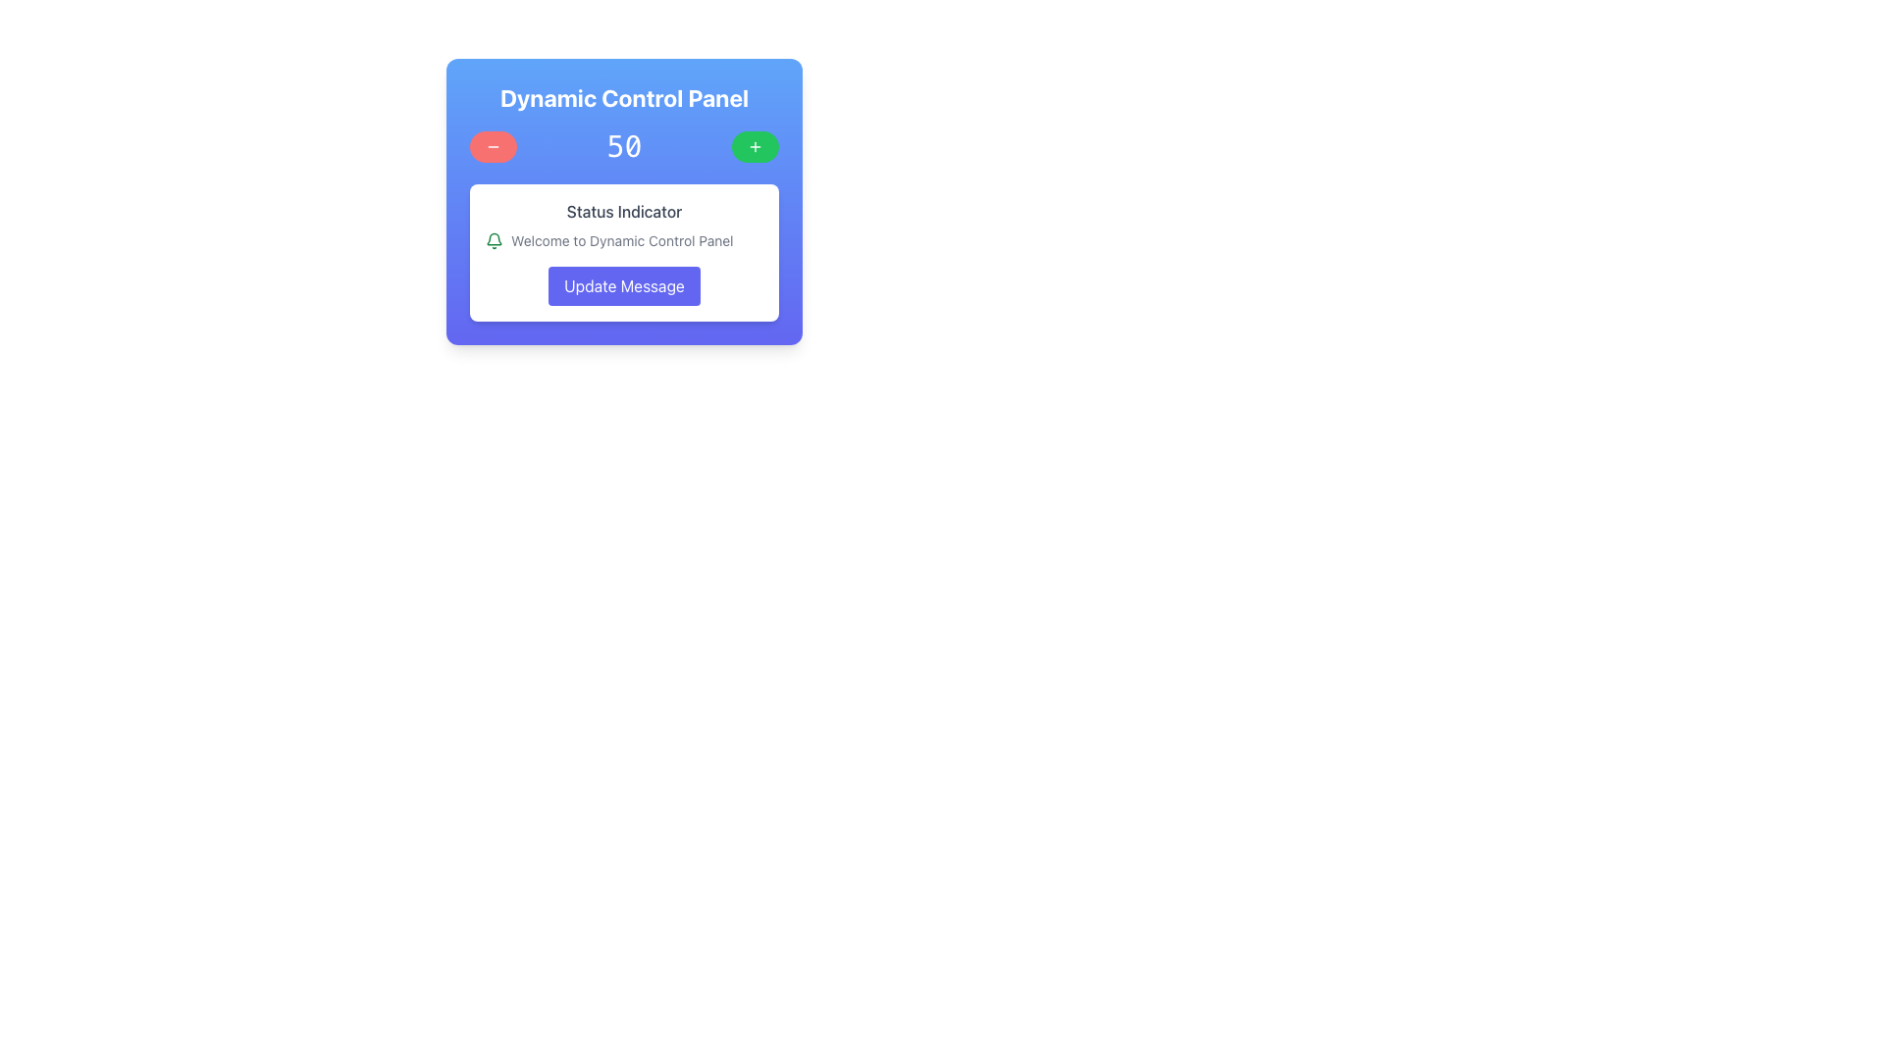 The height and width of the screenshot is (1059, 1884). Describe the element at coordinates (623, 286) in the screenshot. I see `the button located at the lower section of a white, rounded, and shadowed card component, which executes an 'Update Message' operation when clicked` at that location.